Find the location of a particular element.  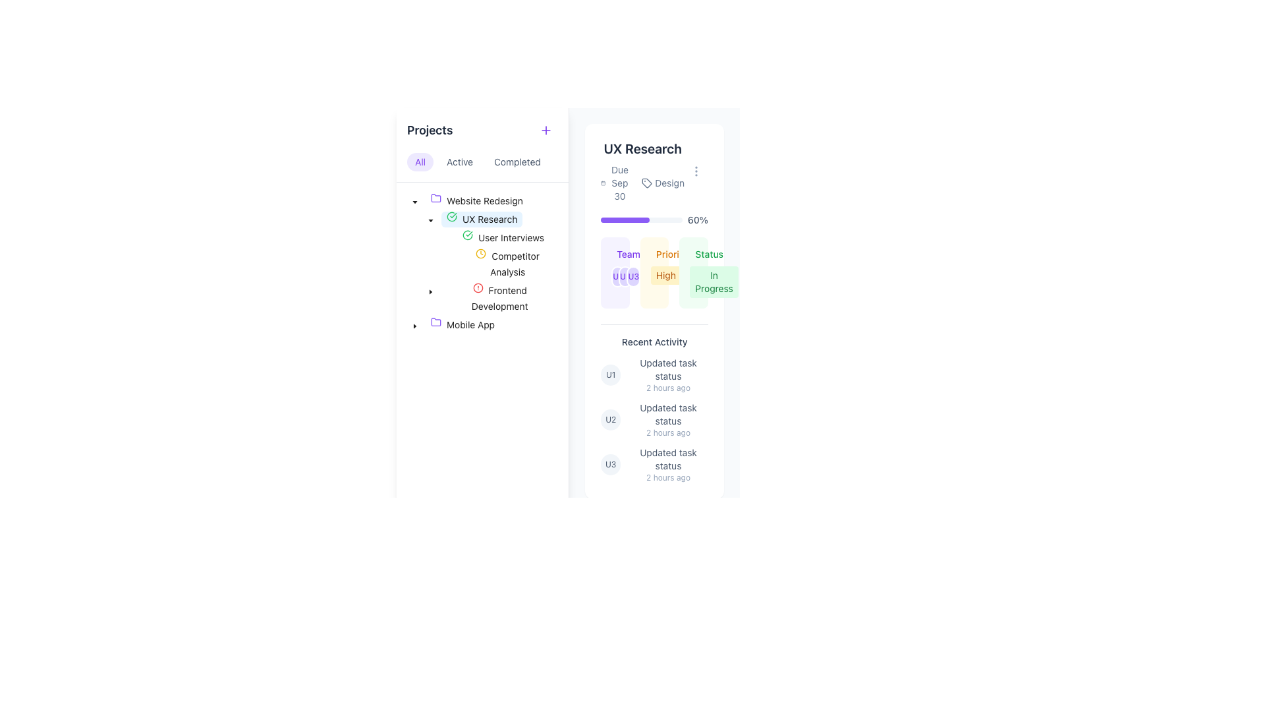

the 'Status' label displayed in green color, which is located in the middle of the 'UX Research' project card, positioned to the right of the 'Priority' status is located at coordinates (708, 254).